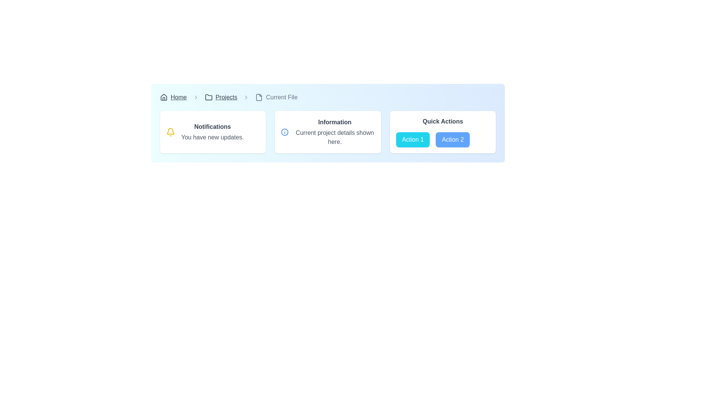 The image size is (725, 408). What do you see at coordinates (226, 97) in the screenshot?
I see `the hyperlinked text labeled 'Projects'` at bounding box center [226, 97].